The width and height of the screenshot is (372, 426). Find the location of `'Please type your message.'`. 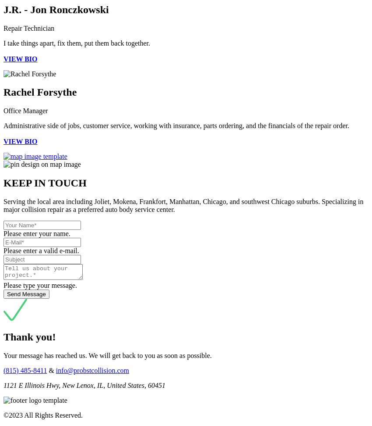

'Please type your message.' is located at coordinates (39, 285).